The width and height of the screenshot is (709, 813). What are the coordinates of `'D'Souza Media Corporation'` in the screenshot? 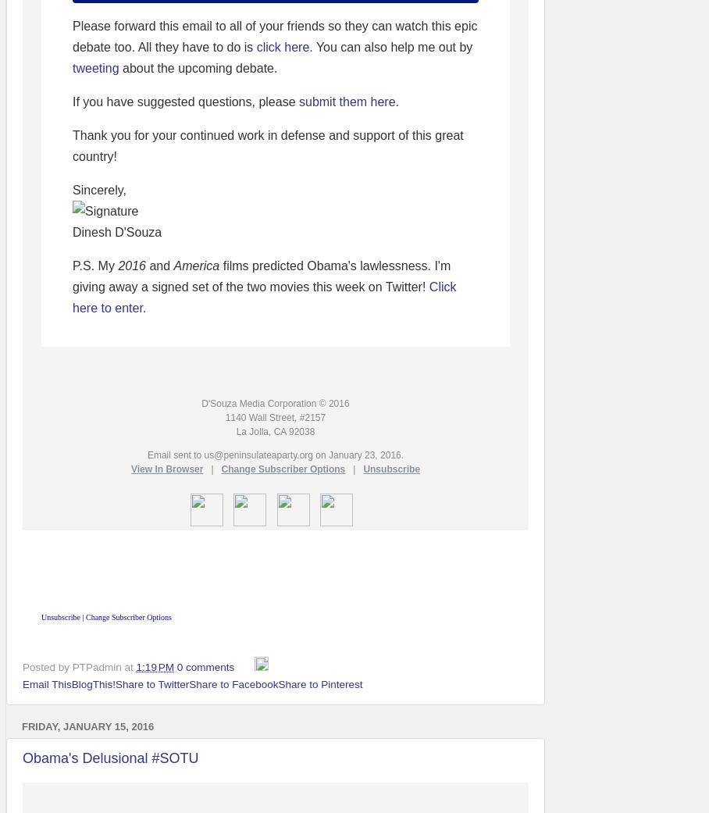 It's located at (258, 402).